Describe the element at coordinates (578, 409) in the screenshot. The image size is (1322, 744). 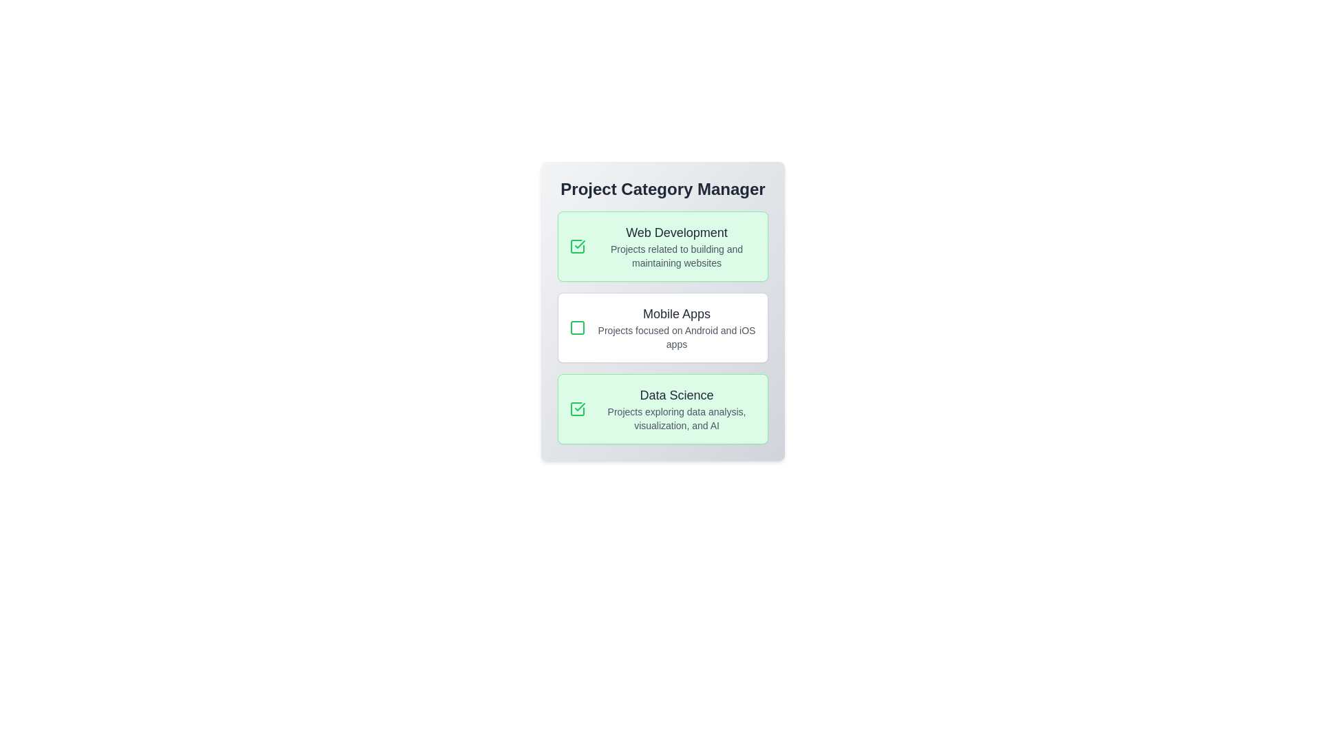
I see `the checkbox outline element in the 'Data Science' section, which is part of an SVG graphic and represents the border of the checkbox` at that location.